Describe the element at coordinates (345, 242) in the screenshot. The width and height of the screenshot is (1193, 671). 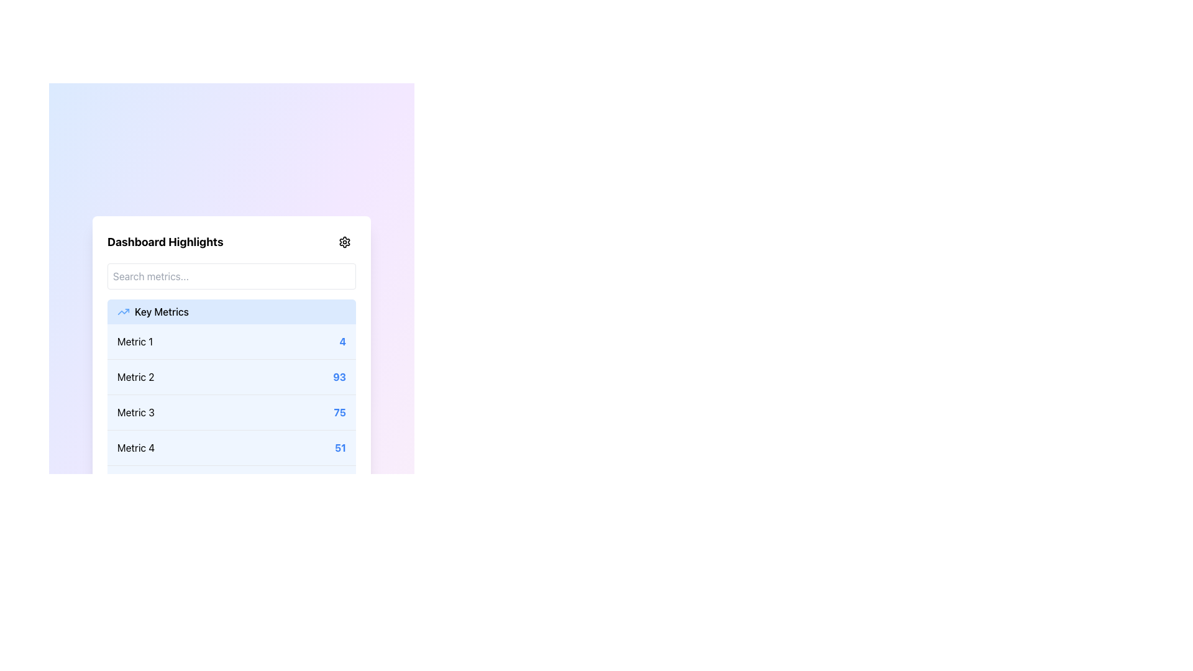
I see `the Icon Button located at the top-right corner of the 'Dashboard Highlights' panel` at that location.